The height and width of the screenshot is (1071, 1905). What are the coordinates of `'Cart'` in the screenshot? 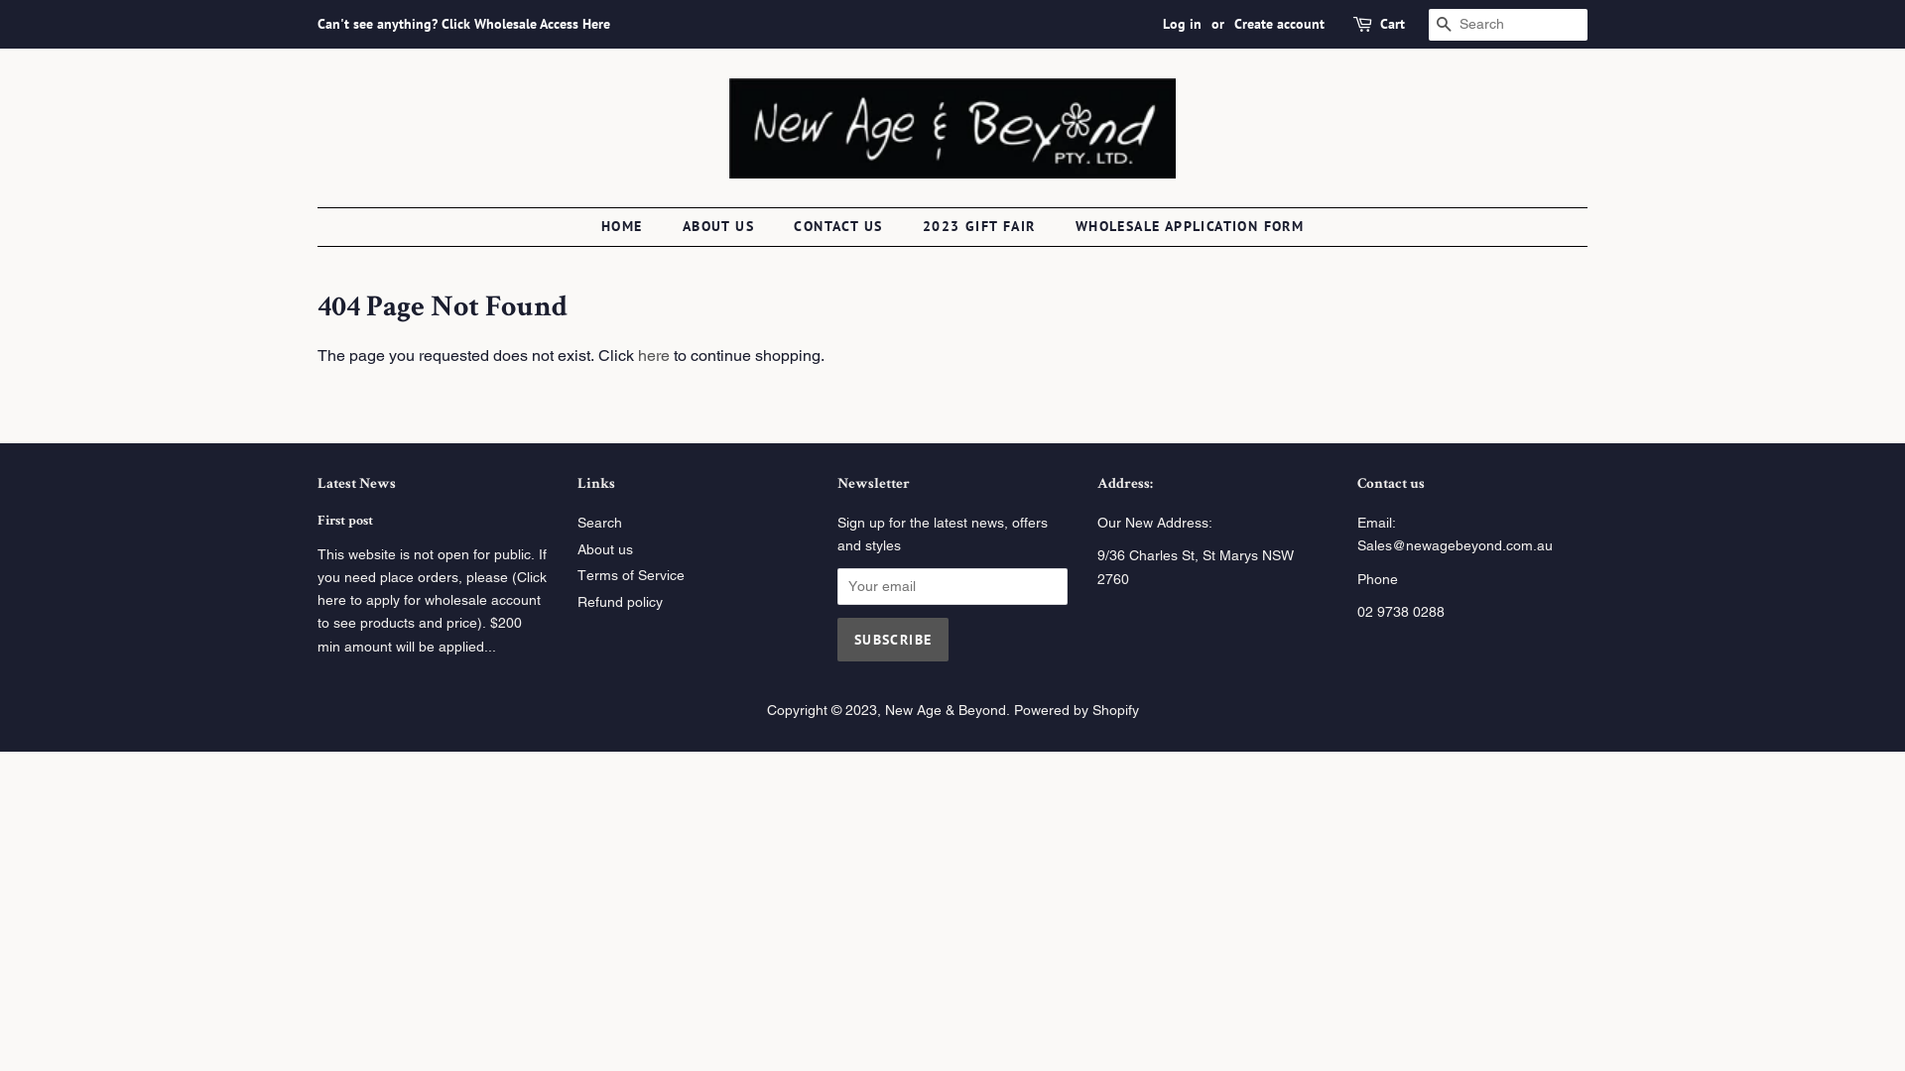 It's located at (1391, 24).